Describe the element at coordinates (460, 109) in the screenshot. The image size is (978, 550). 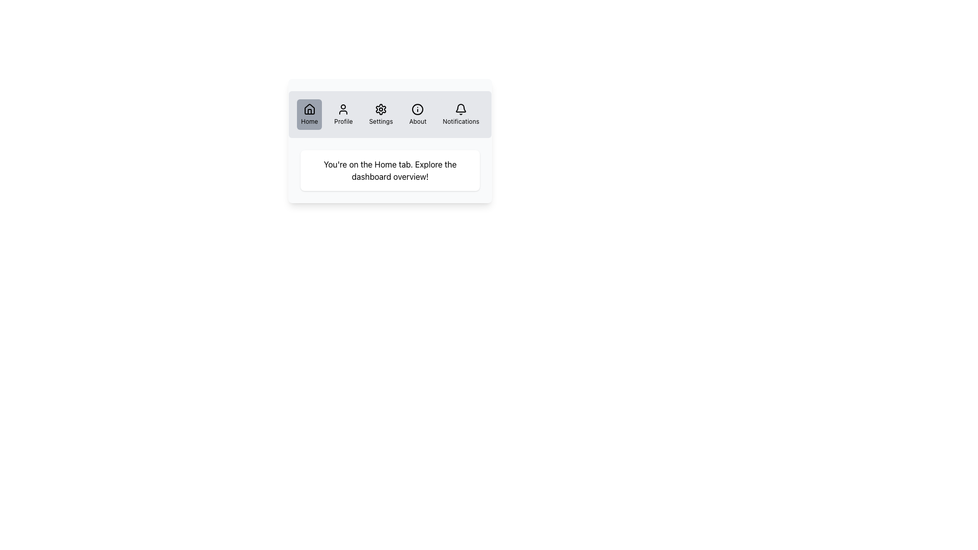
I see `the bell icon in the top navigation bar, which serves as a notification indicator and is paired with the text label 'Notifications'` at that location.